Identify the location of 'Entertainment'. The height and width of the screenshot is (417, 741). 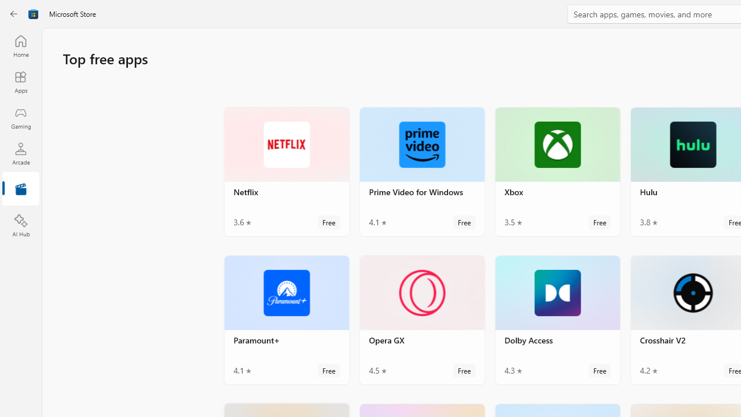
(20, 189).